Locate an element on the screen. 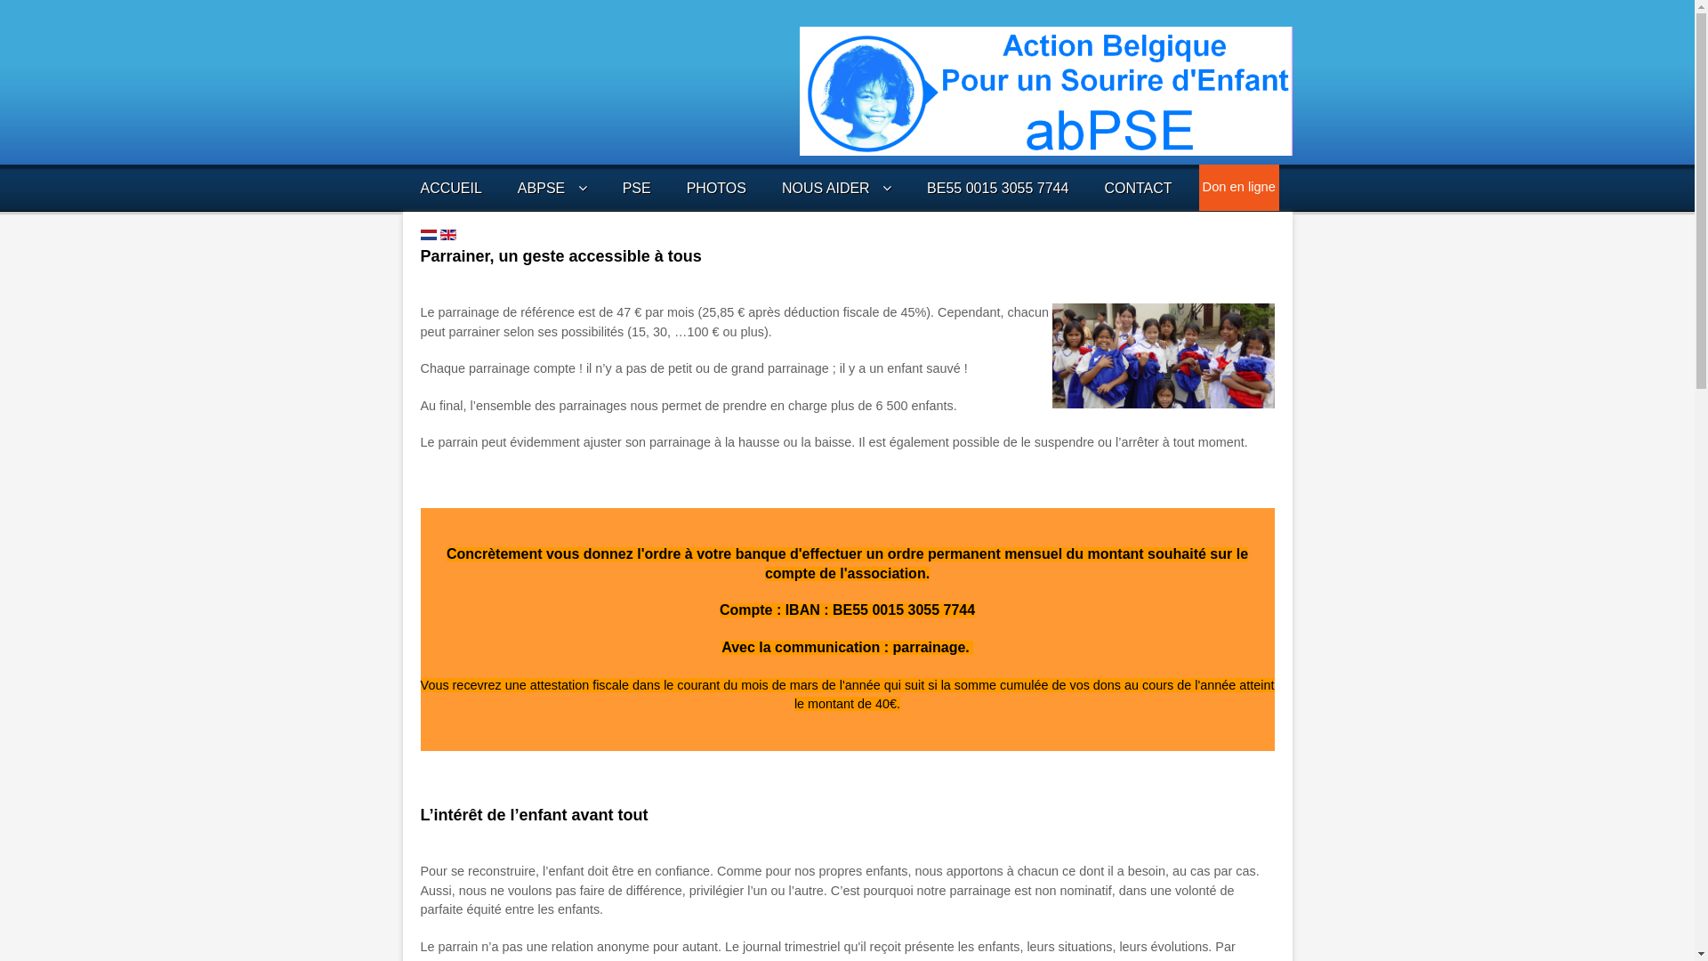  'English (UK)' is located at coordinates (447, 233).